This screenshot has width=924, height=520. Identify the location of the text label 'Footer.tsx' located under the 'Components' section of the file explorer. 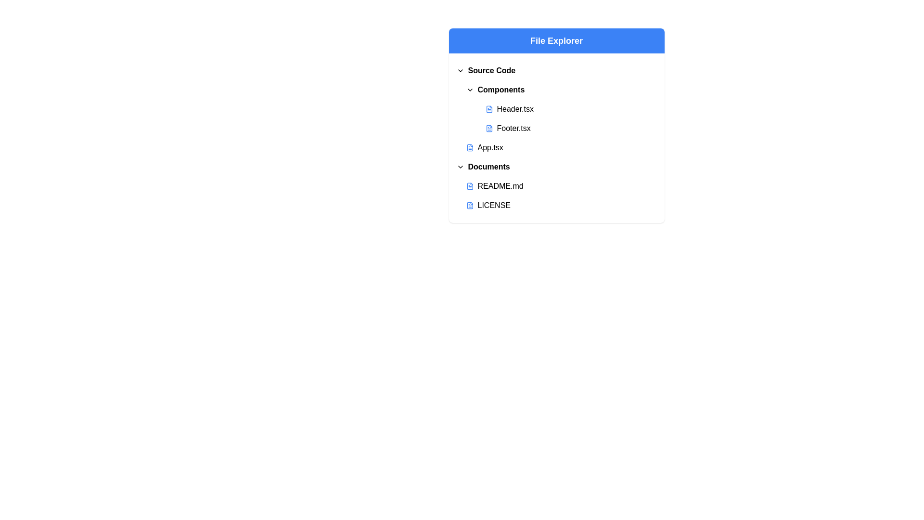
(513, 128).